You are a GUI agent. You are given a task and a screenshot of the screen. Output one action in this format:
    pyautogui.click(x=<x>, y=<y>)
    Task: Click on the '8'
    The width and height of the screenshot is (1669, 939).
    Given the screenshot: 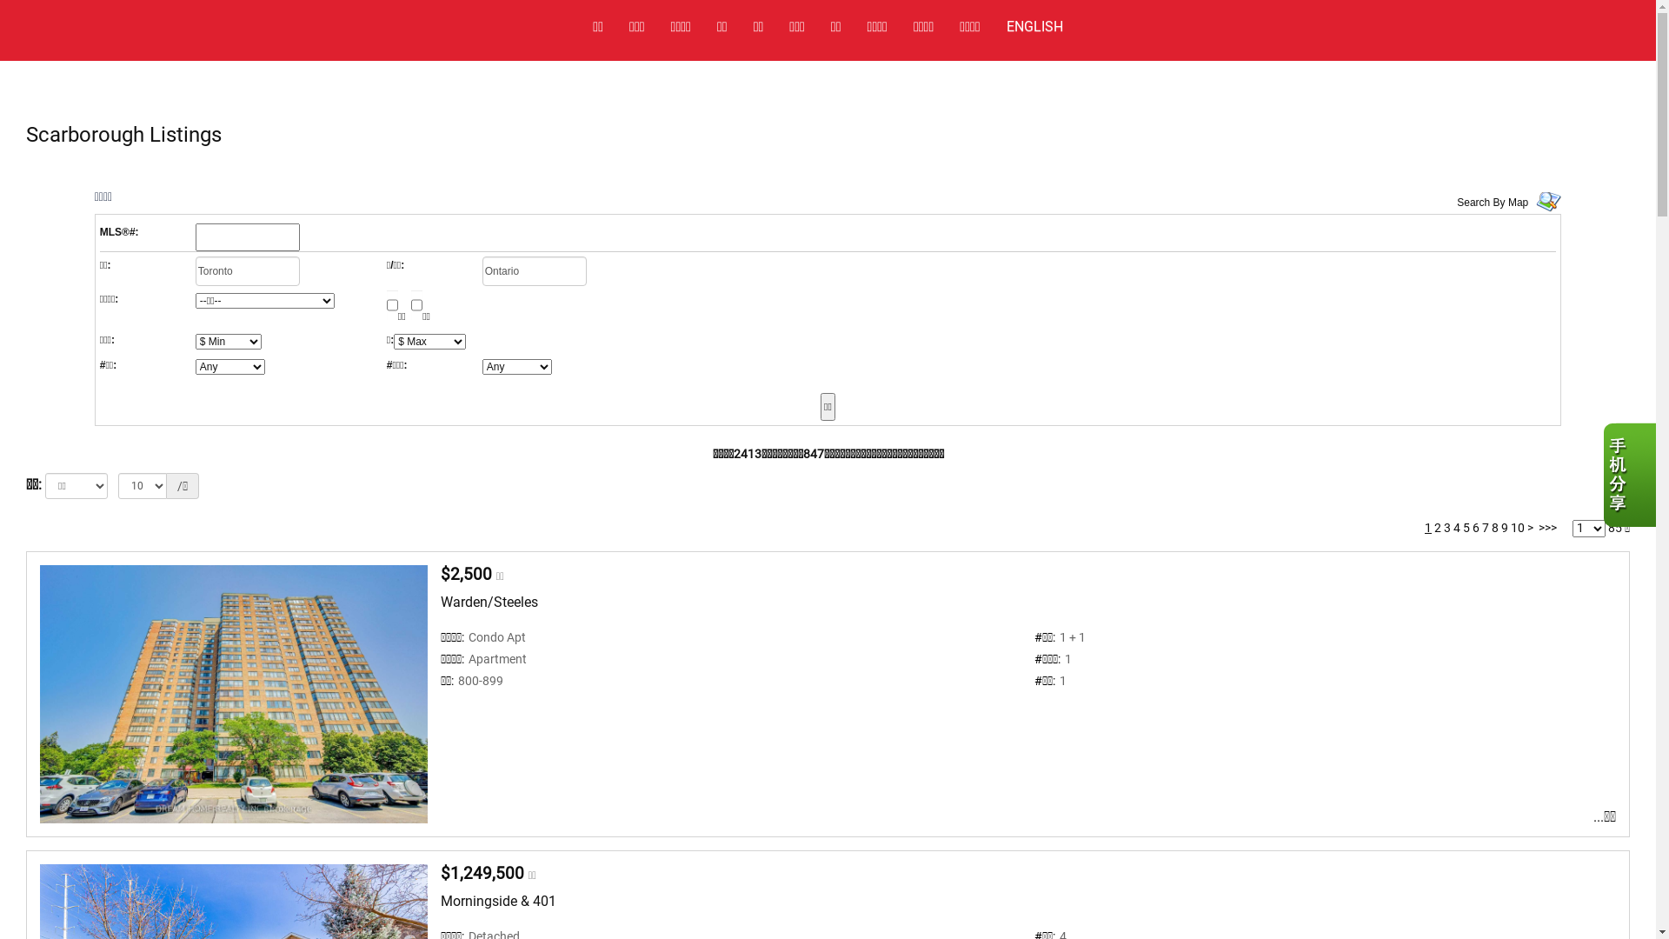 What is the action you would take?
    pyautogui.click(x=1493, y=526)
    